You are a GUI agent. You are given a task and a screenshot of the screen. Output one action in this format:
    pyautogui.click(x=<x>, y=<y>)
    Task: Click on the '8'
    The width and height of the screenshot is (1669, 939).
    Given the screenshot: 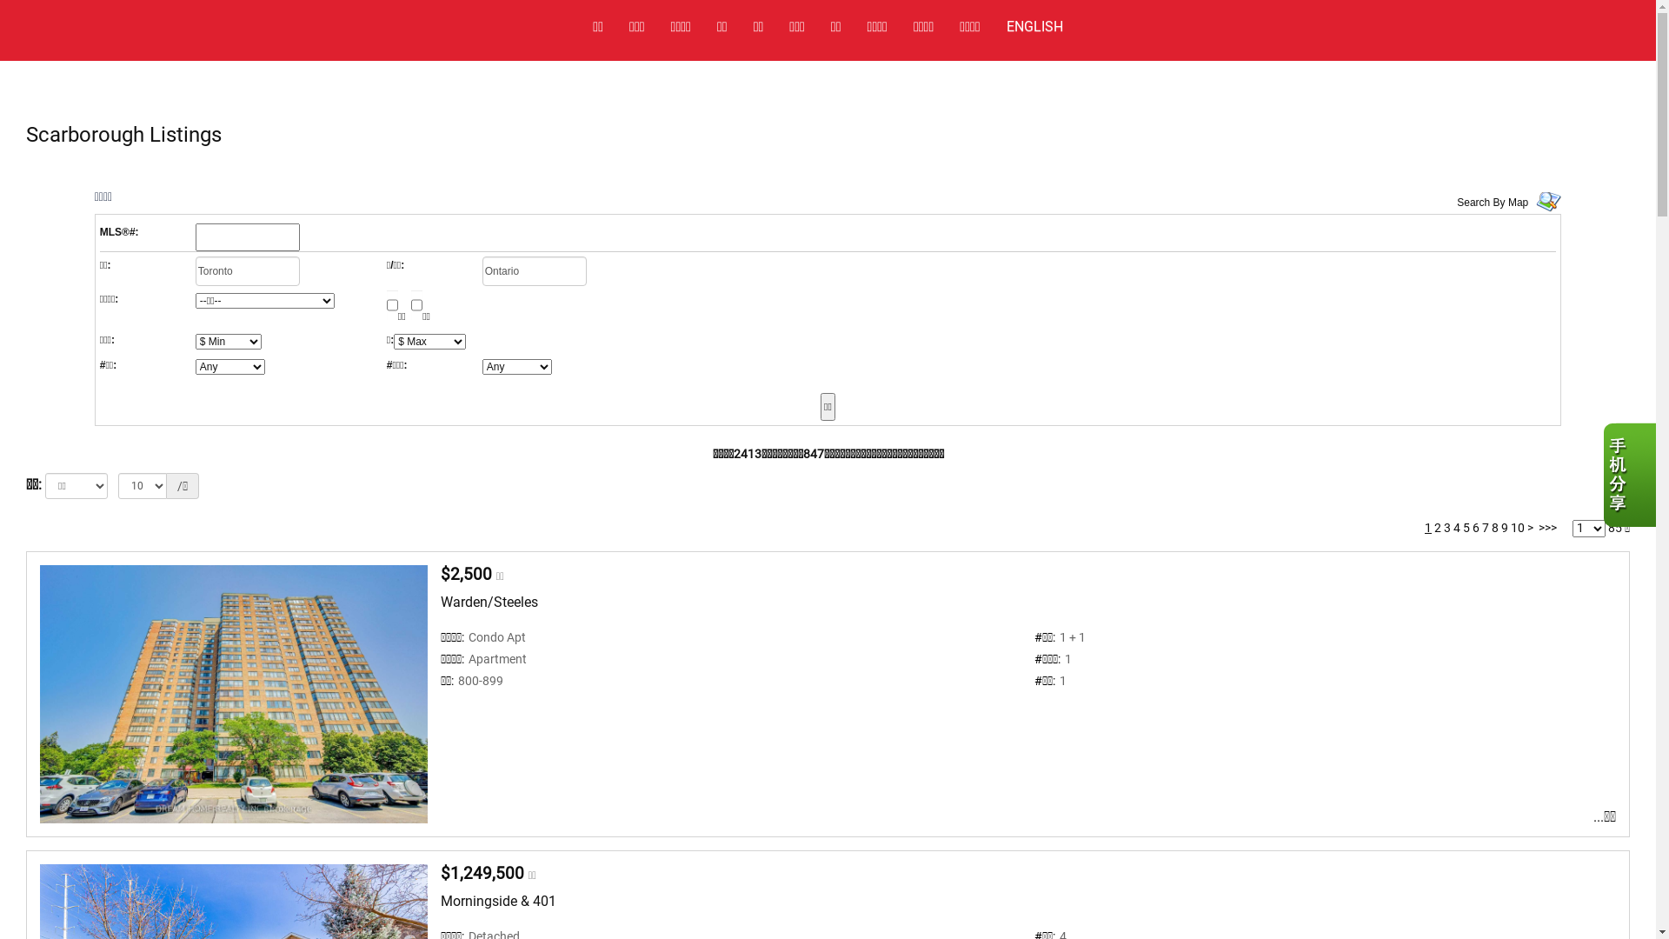 What is the action you would take?
    pyautogui.click(x=1493, y=526)
    